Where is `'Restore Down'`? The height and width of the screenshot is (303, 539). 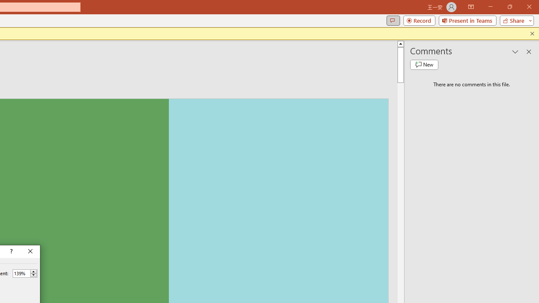
'Restore Down' is located at coordinates (509, 7).